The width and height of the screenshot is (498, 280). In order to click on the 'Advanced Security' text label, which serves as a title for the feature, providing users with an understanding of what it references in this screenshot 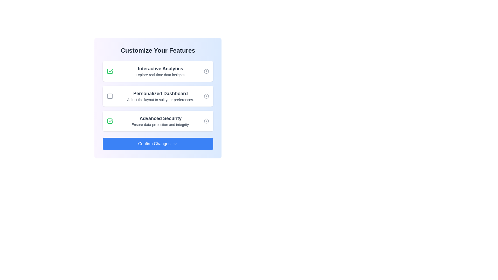, I will do `click(160, 118)`.